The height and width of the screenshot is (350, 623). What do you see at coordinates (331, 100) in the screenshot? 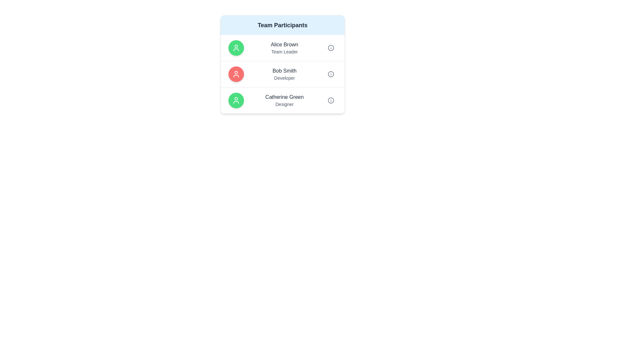
I see `the background circle of the icon located in the 'Catherine Green - Designer' section on the right side` at bounding box center [331, 100].